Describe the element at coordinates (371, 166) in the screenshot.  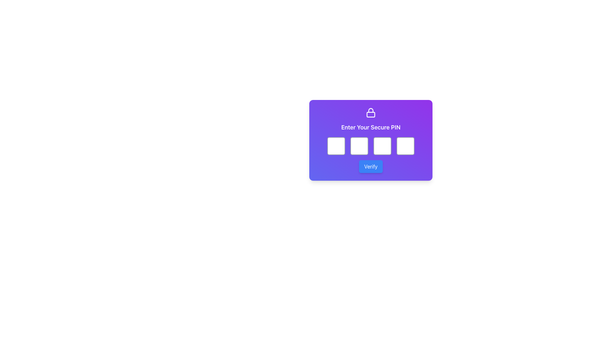
I see `the 'Verify' button, which has a blue background and white text, to initiate verification` at that location.